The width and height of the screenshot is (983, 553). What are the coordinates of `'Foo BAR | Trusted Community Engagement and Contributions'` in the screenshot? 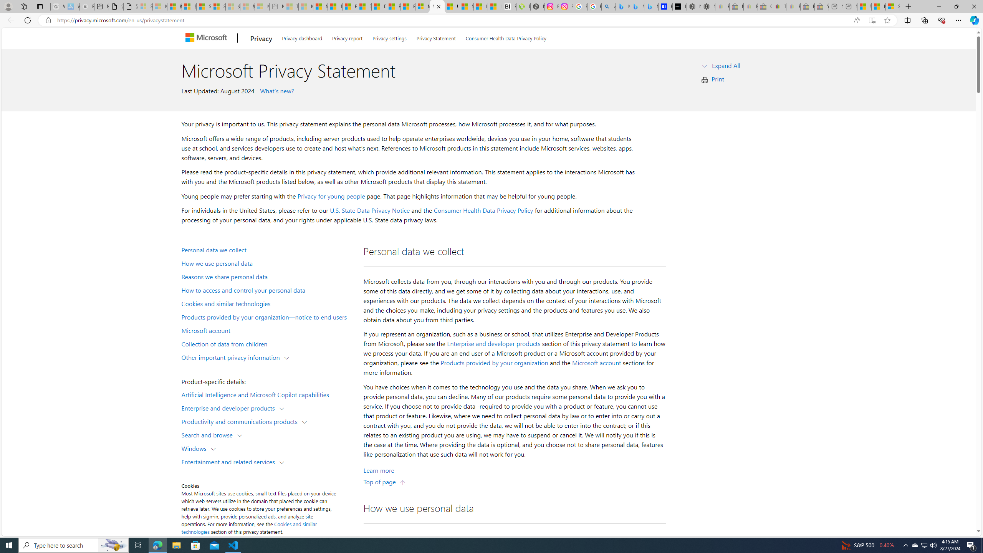 It's located at (407, 6).